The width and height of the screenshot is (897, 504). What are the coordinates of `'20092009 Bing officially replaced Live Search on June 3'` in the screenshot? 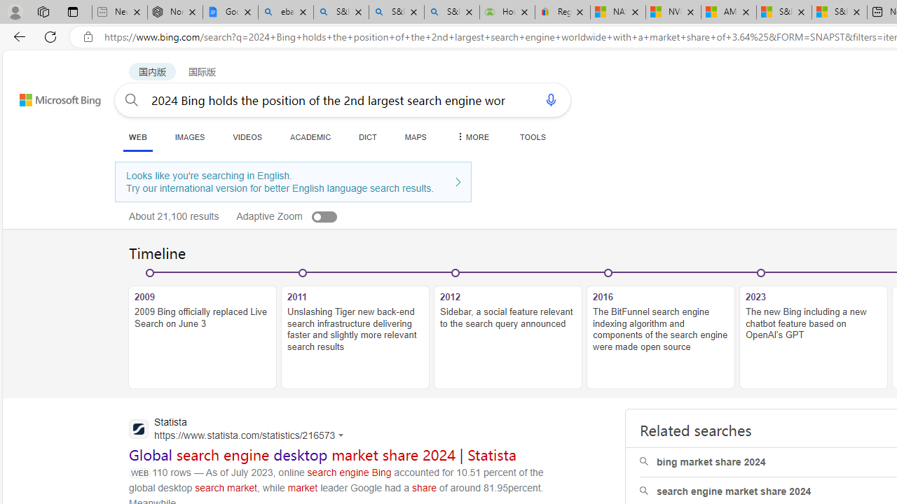 It's located at (202, 330).